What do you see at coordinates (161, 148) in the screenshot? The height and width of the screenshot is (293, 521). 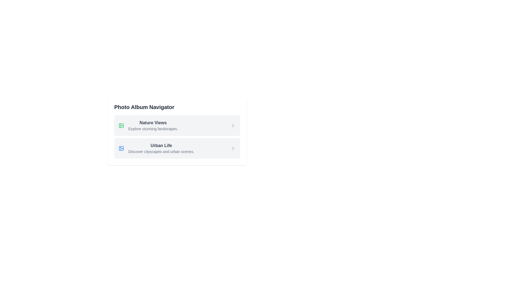 I see `the 'Urban Life' navigation option in the vertically stacked menu` at bounding box center [161, 148].